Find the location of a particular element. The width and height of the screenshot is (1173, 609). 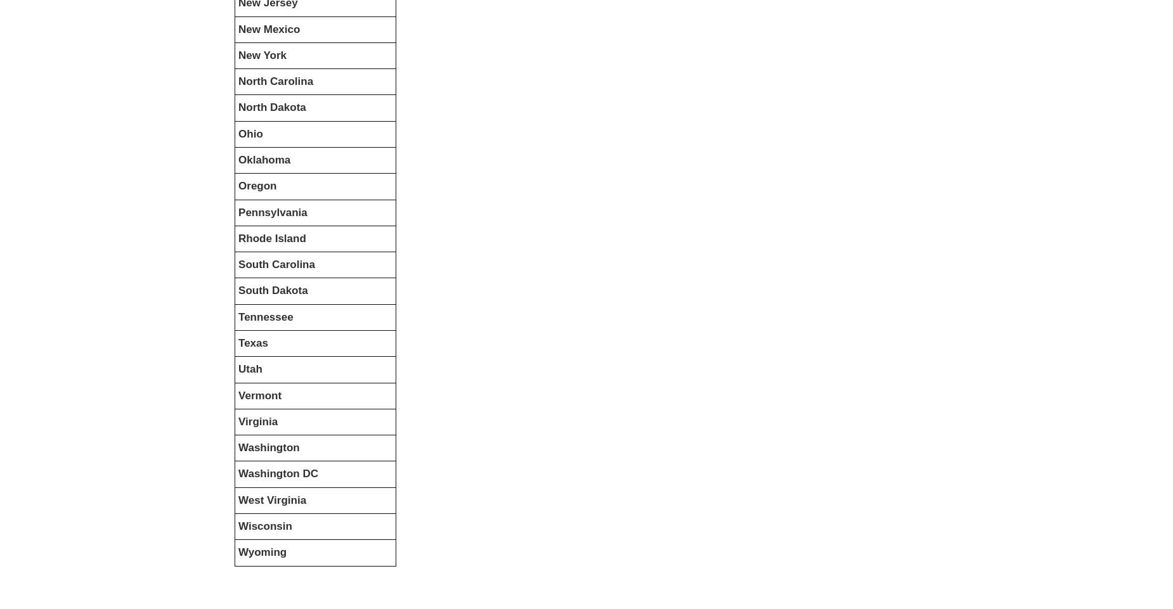

'Washington' is located at coordinates (268, 447).